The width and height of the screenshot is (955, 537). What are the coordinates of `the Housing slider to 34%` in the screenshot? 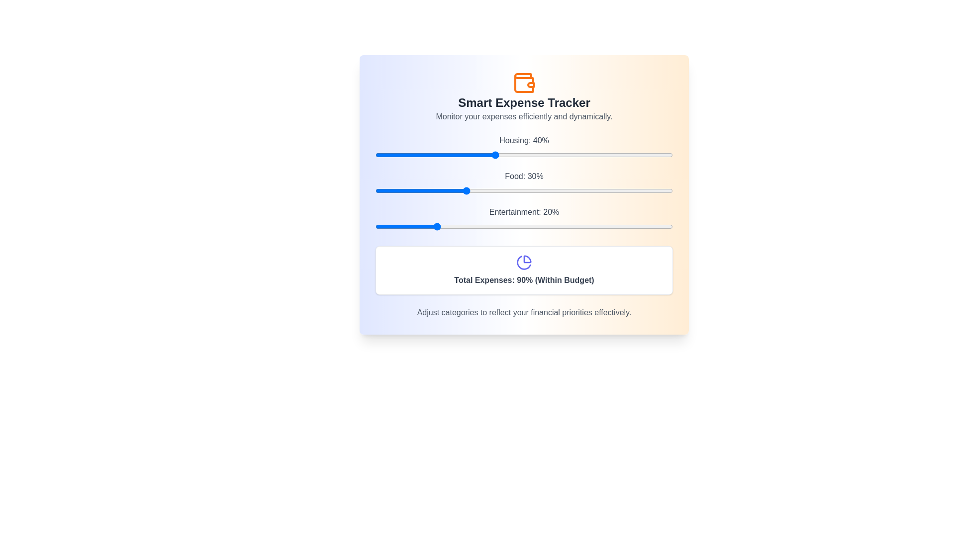 It's located at (476, 155).